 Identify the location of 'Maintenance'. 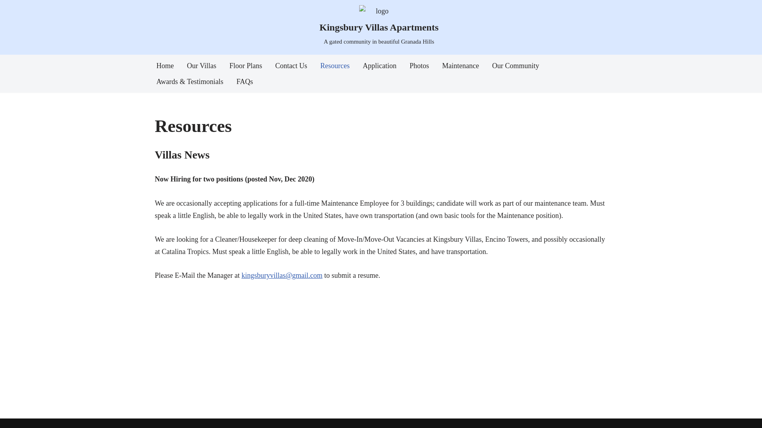
(460, 65).